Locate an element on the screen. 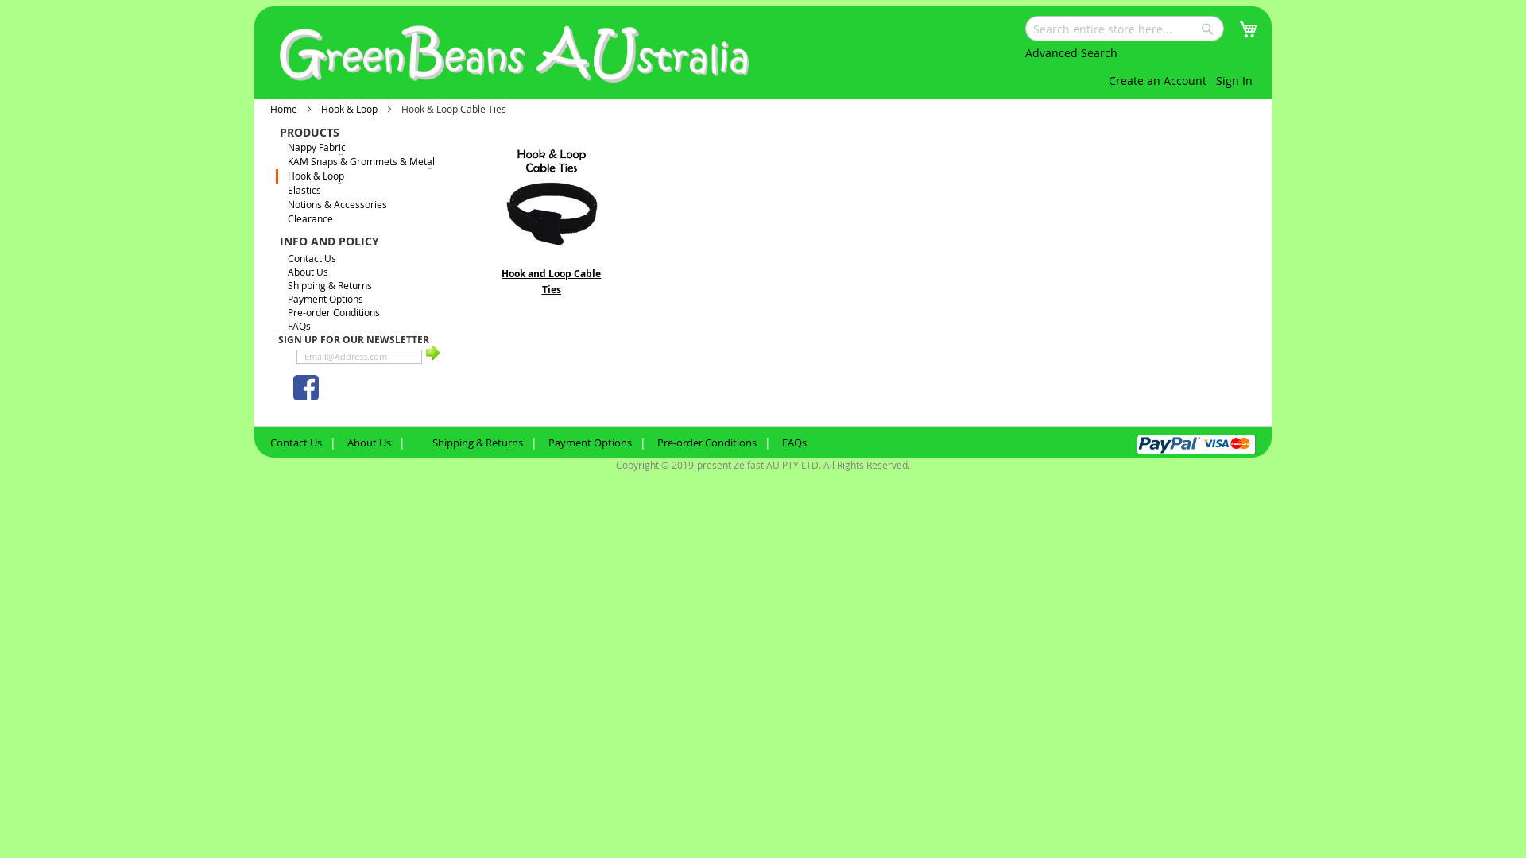  'FAQs' is located at coordinates (794, 446).